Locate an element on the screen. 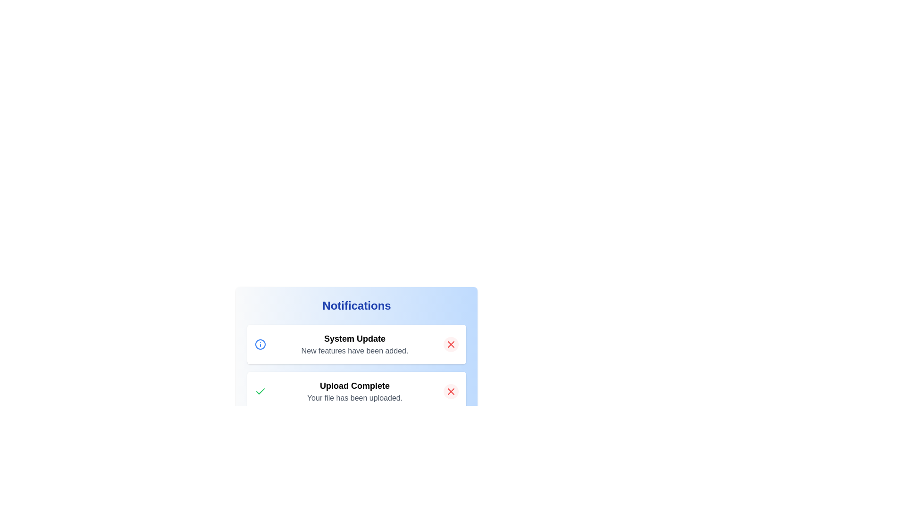 This screenshot has height=509, width=906. the Close button, which is a circular button with a red border and a red 'X' icon located in the top-right corner of the notification card under the label 'System Update' is located at coordinates (450, 345).